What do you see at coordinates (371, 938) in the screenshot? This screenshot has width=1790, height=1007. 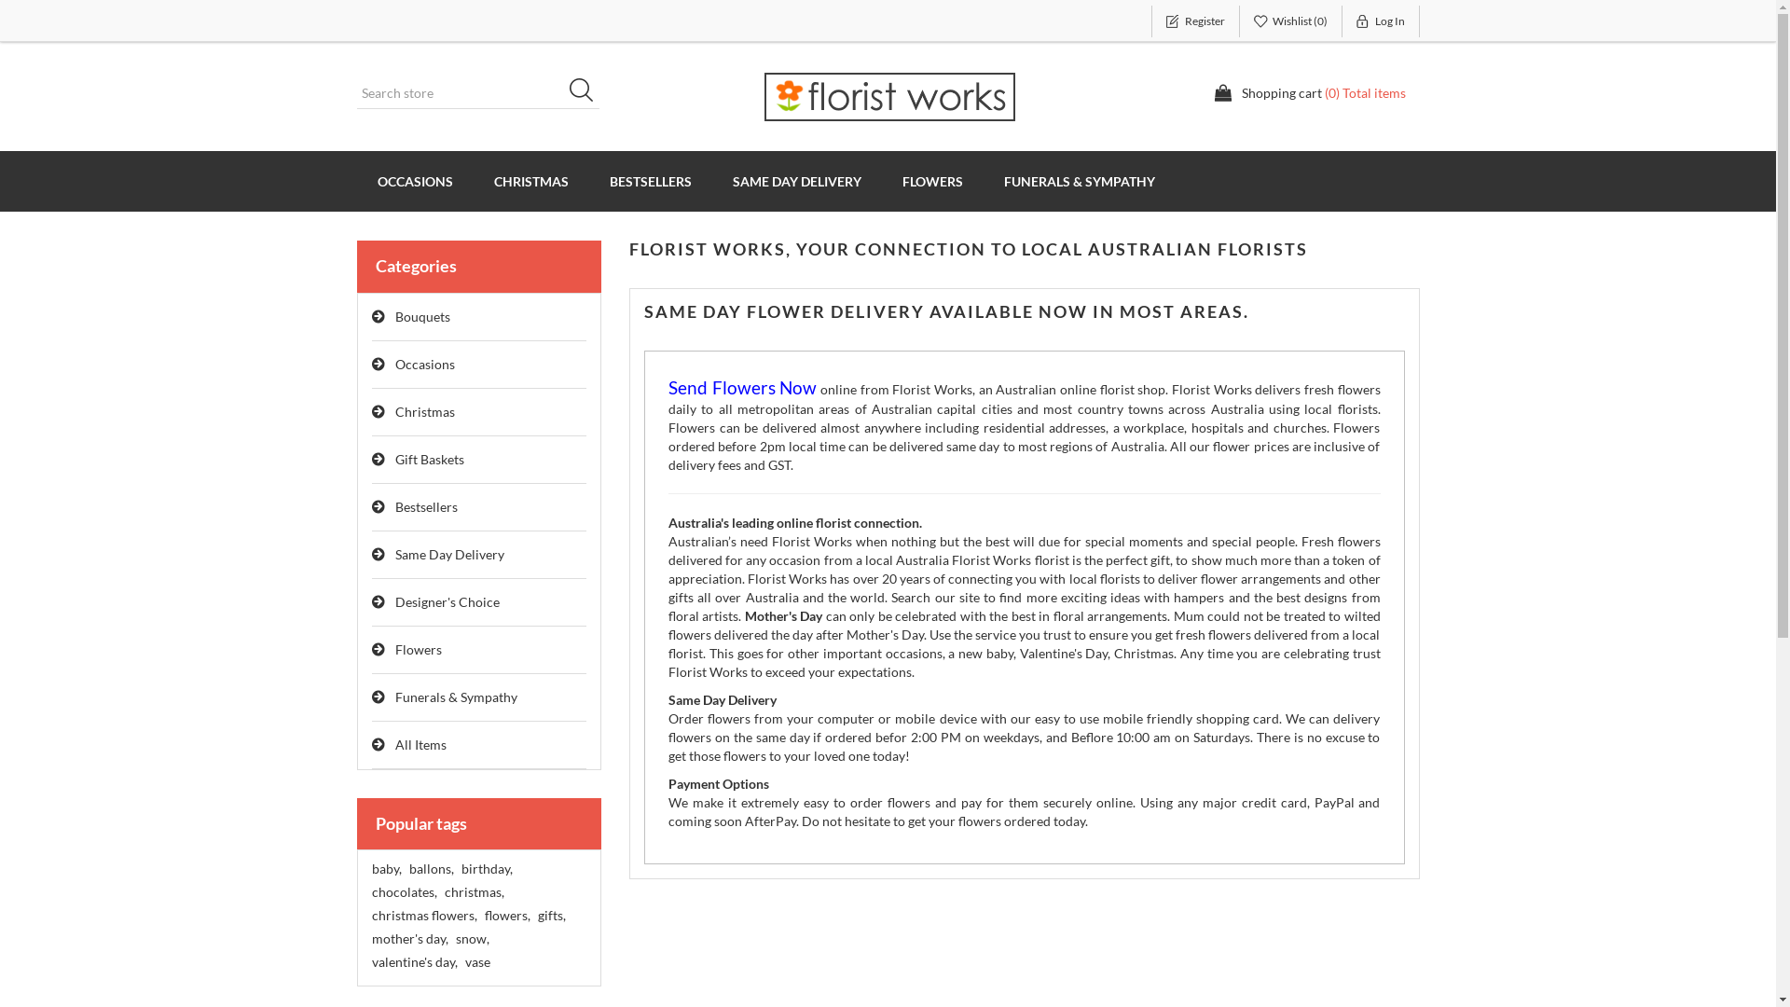 I see `'mother's day,'` at bounding box center [371, 938].